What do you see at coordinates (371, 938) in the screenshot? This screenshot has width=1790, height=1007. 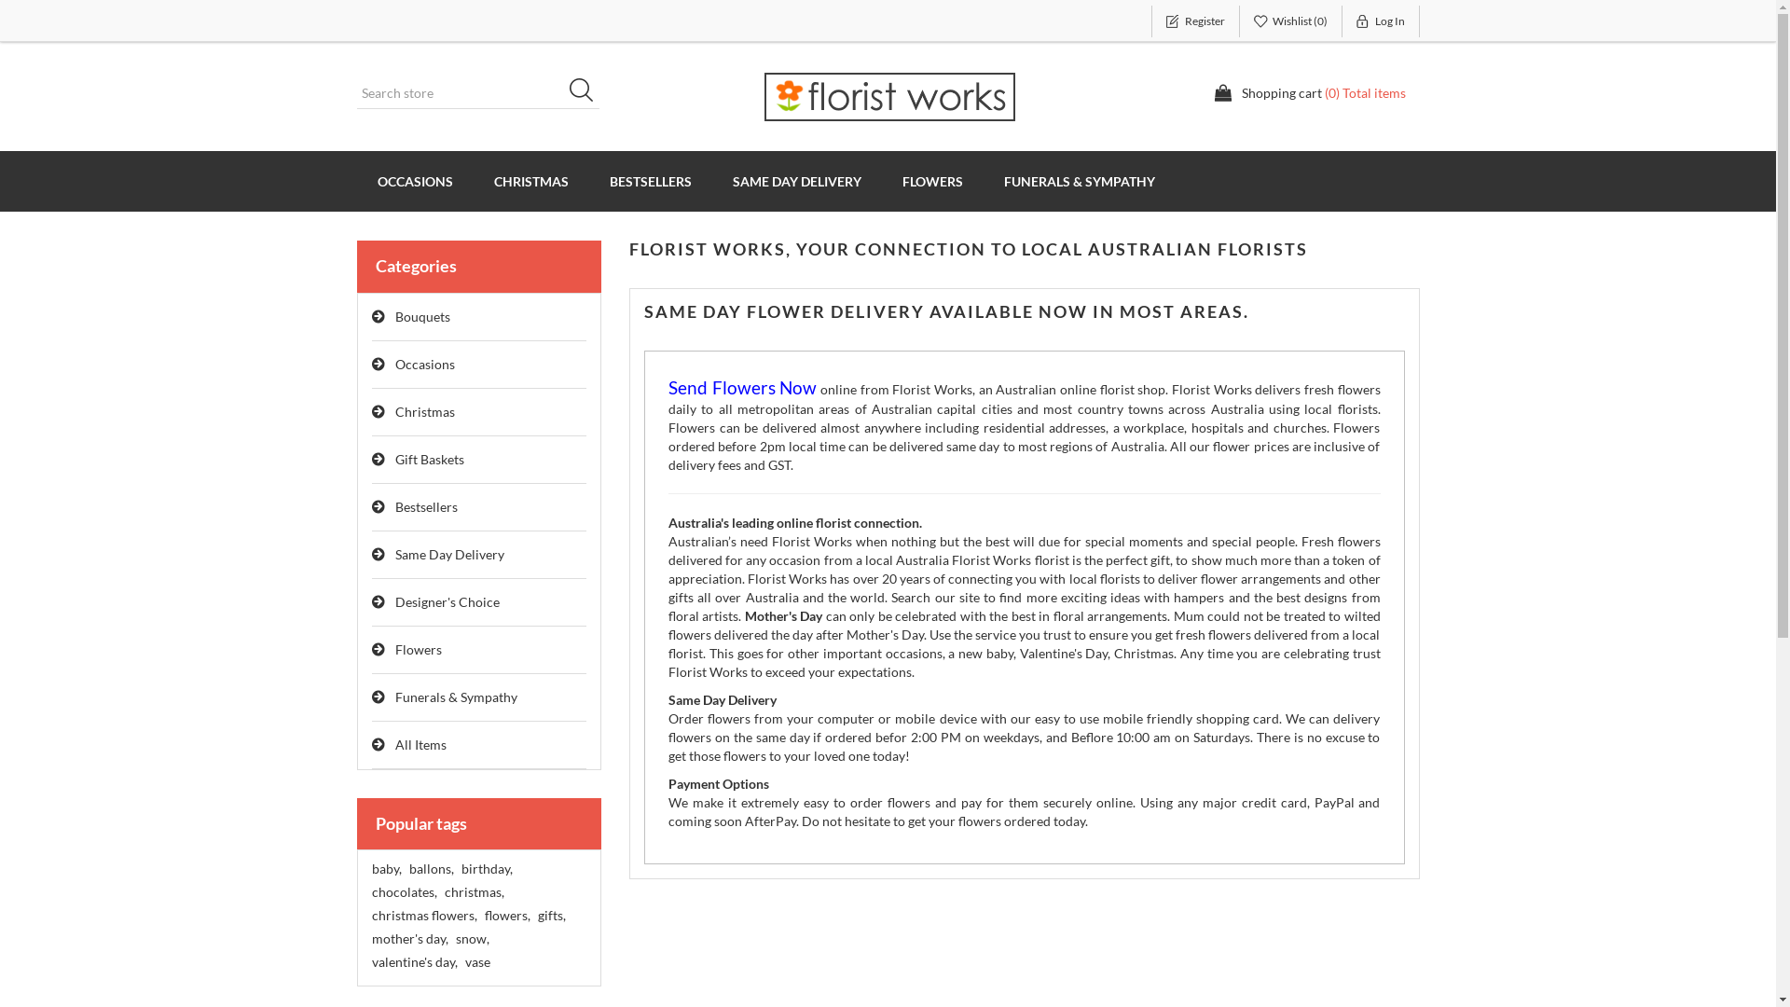 I see `'mother's day,'` at bounding box center [371, 938].